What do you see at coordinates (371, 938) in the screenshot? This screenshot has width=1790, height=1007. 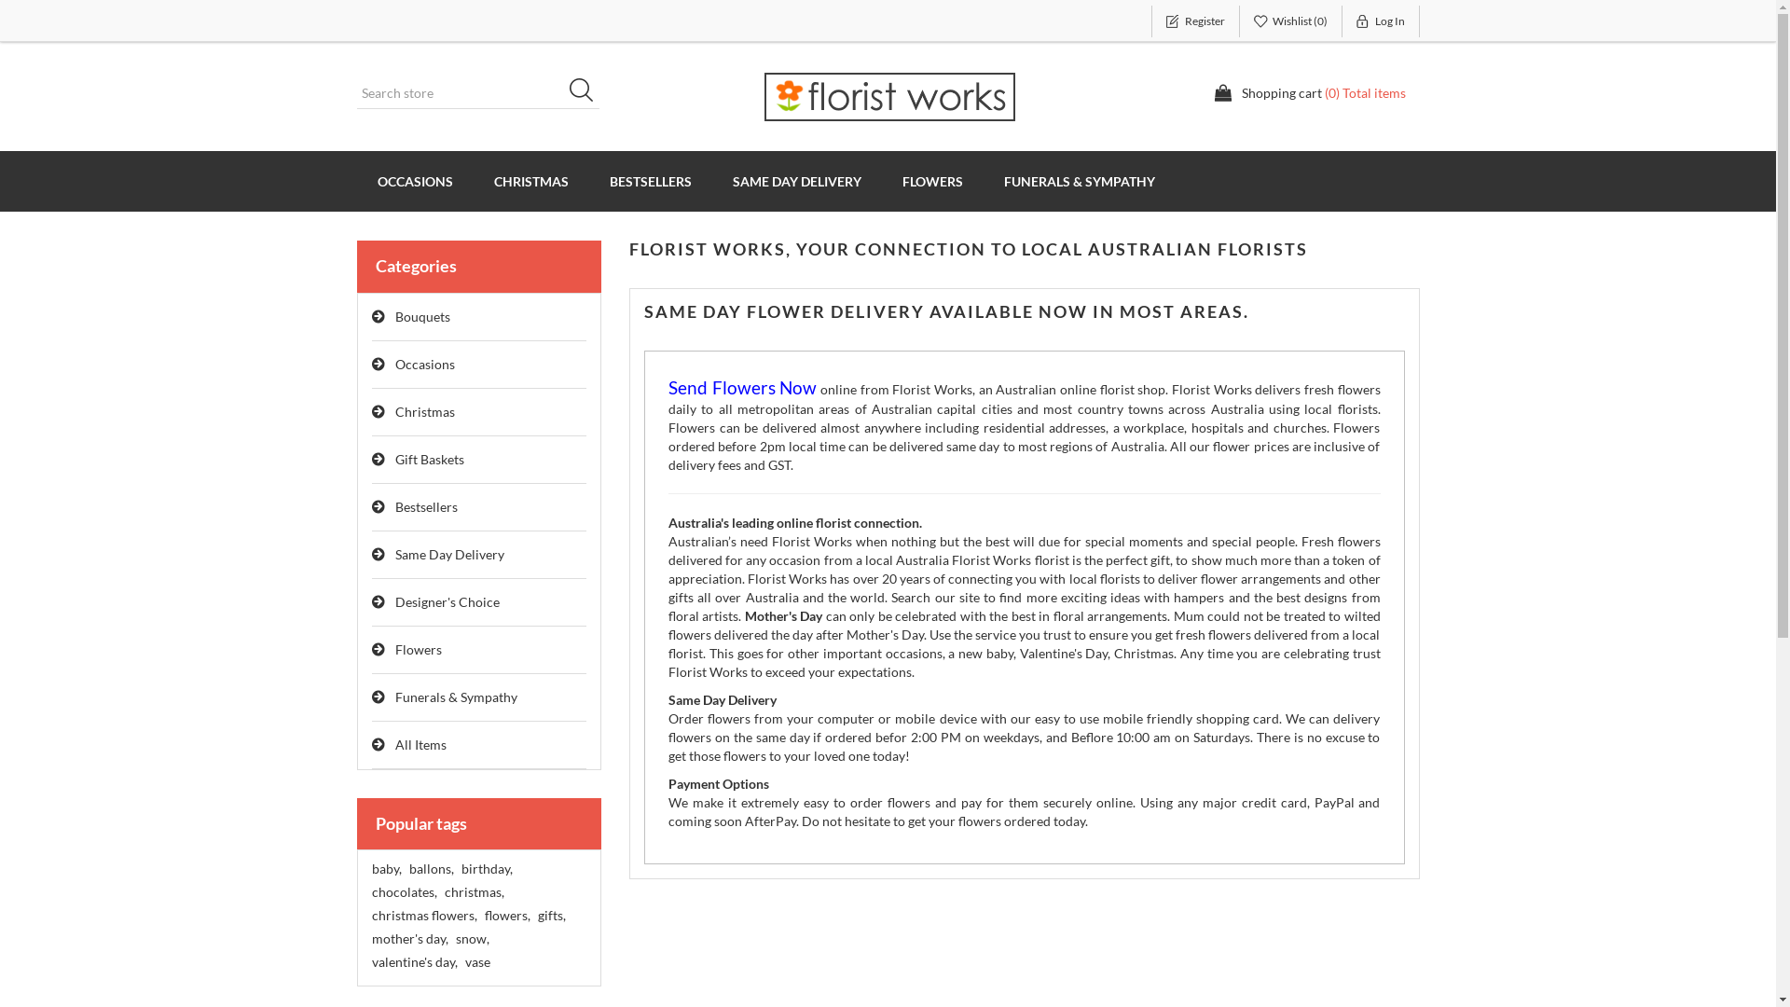 I see `'mother's day,'` at bounding box center [371, 938].